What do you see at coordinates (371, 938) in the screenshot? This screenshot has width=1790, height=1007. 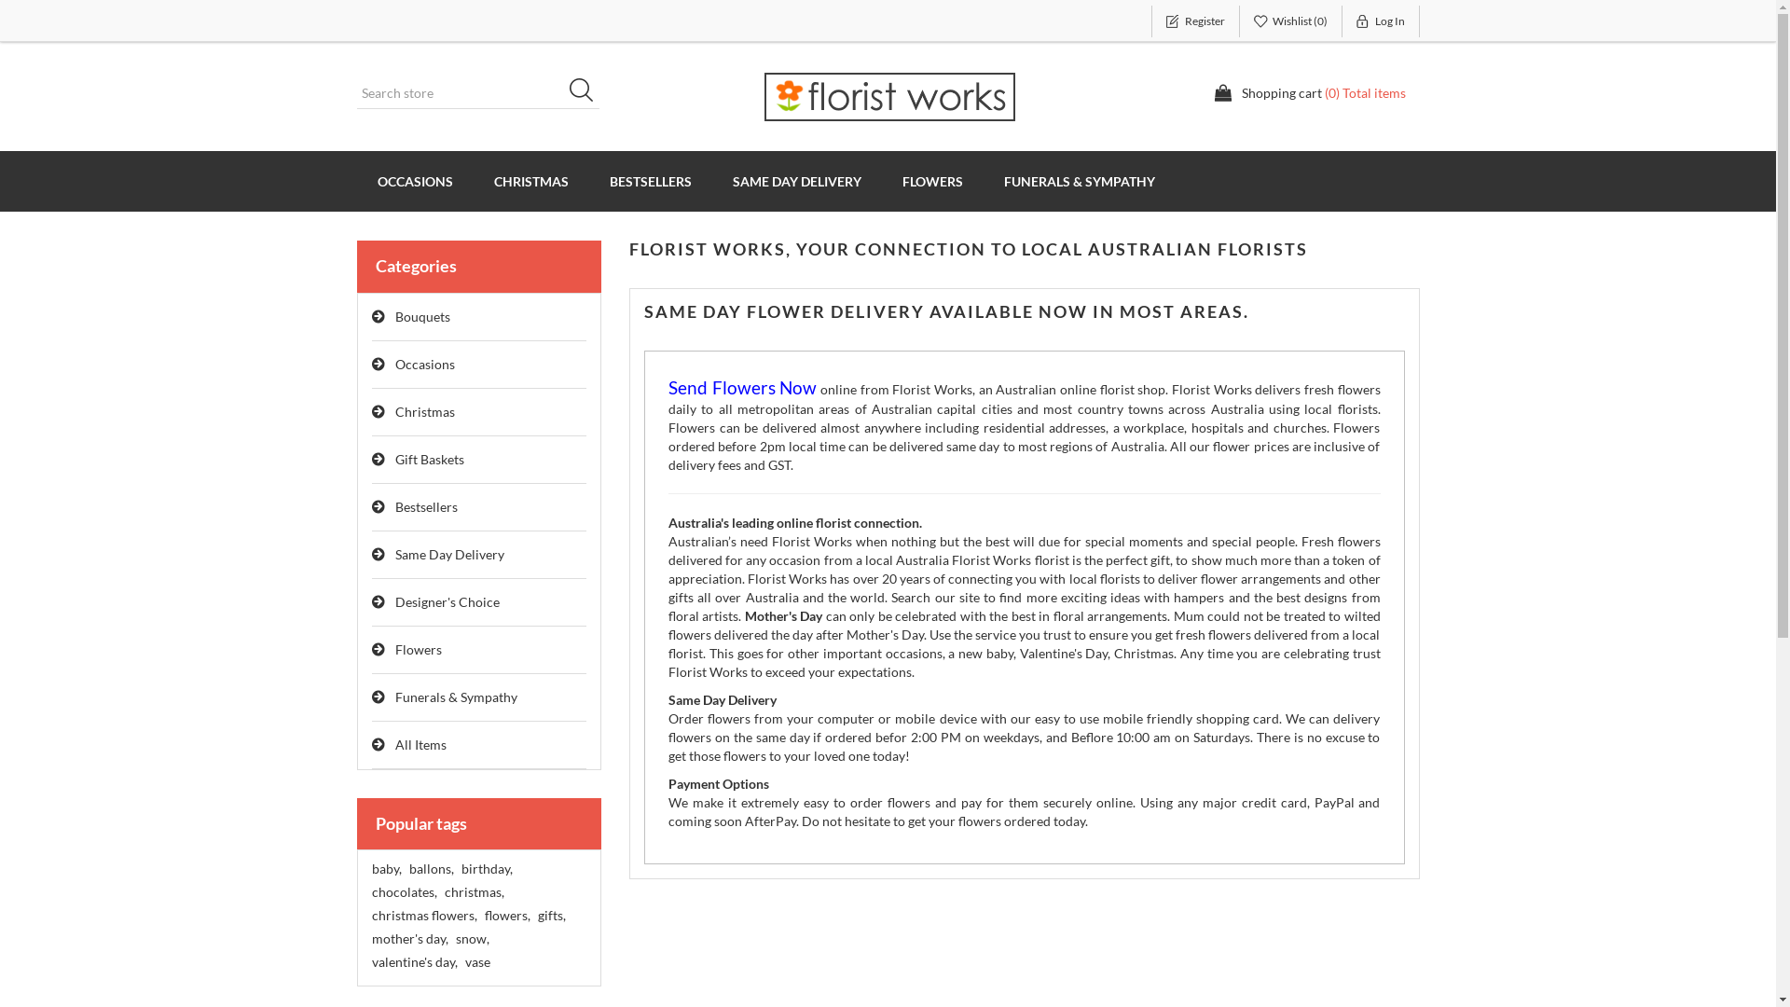 I see `'mother's day,'` at bounding box center [371, 938].